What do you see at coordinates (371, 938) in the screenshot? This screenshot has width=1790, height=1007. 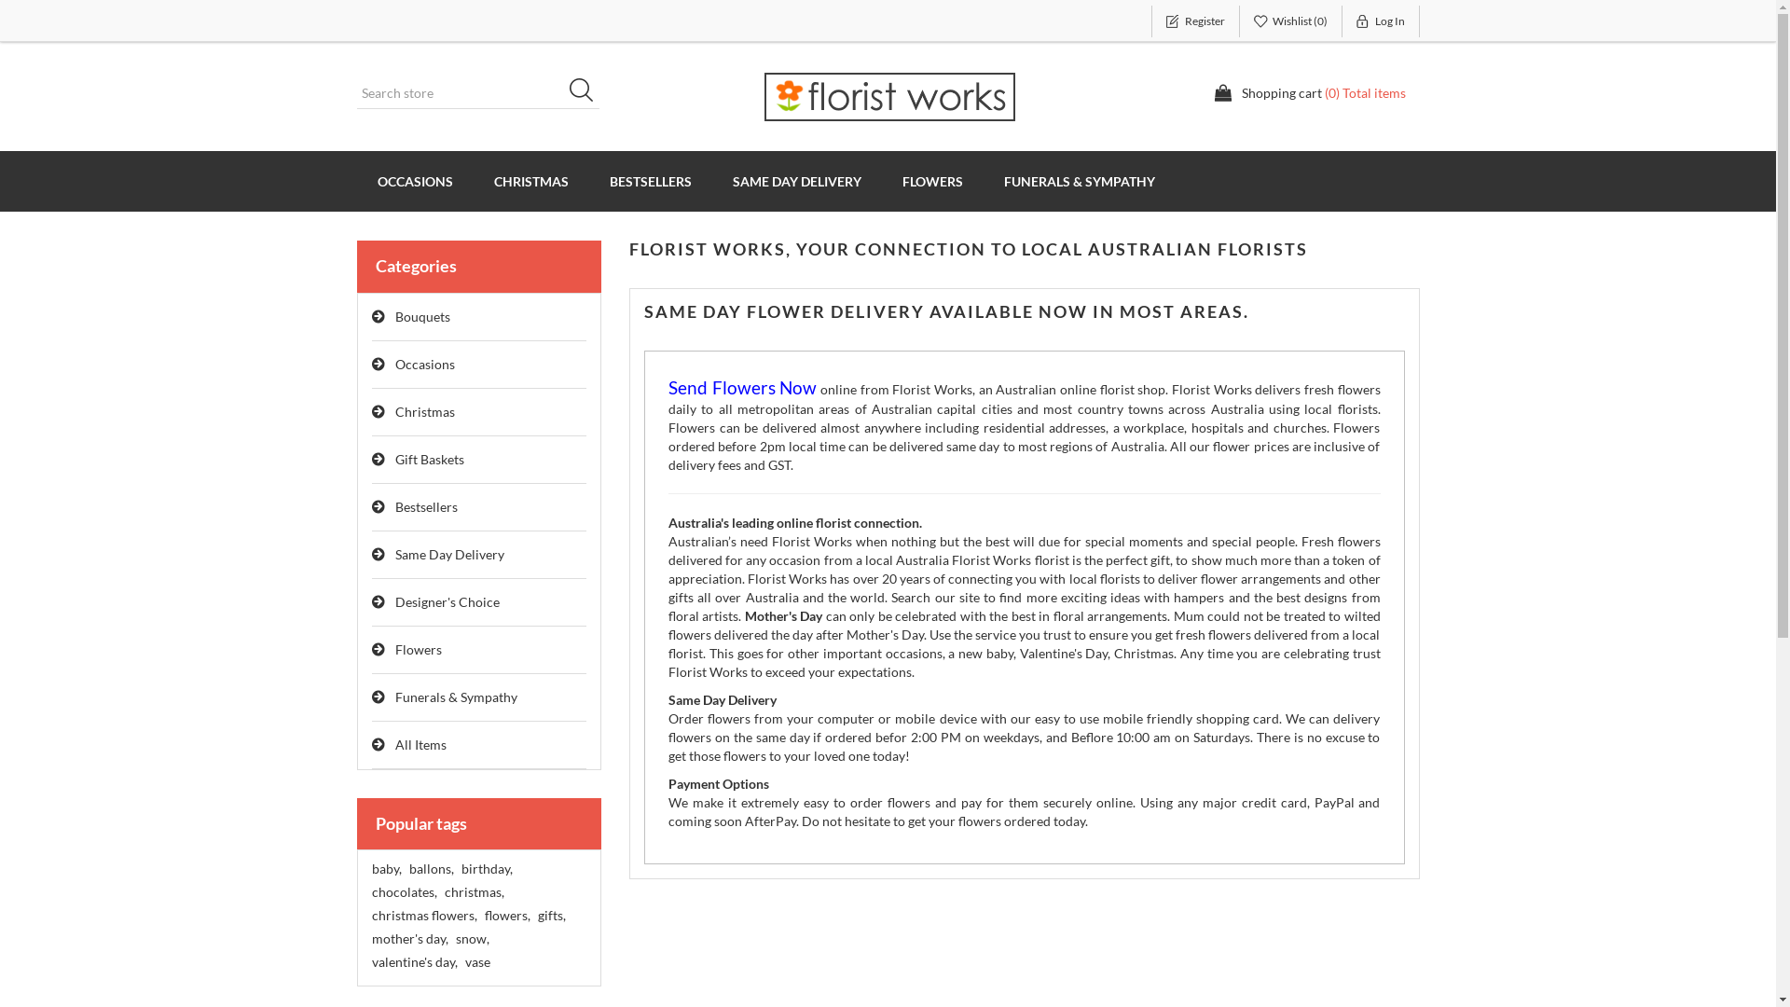 I see `'mother's day,'` at bounding box center [371, 938].